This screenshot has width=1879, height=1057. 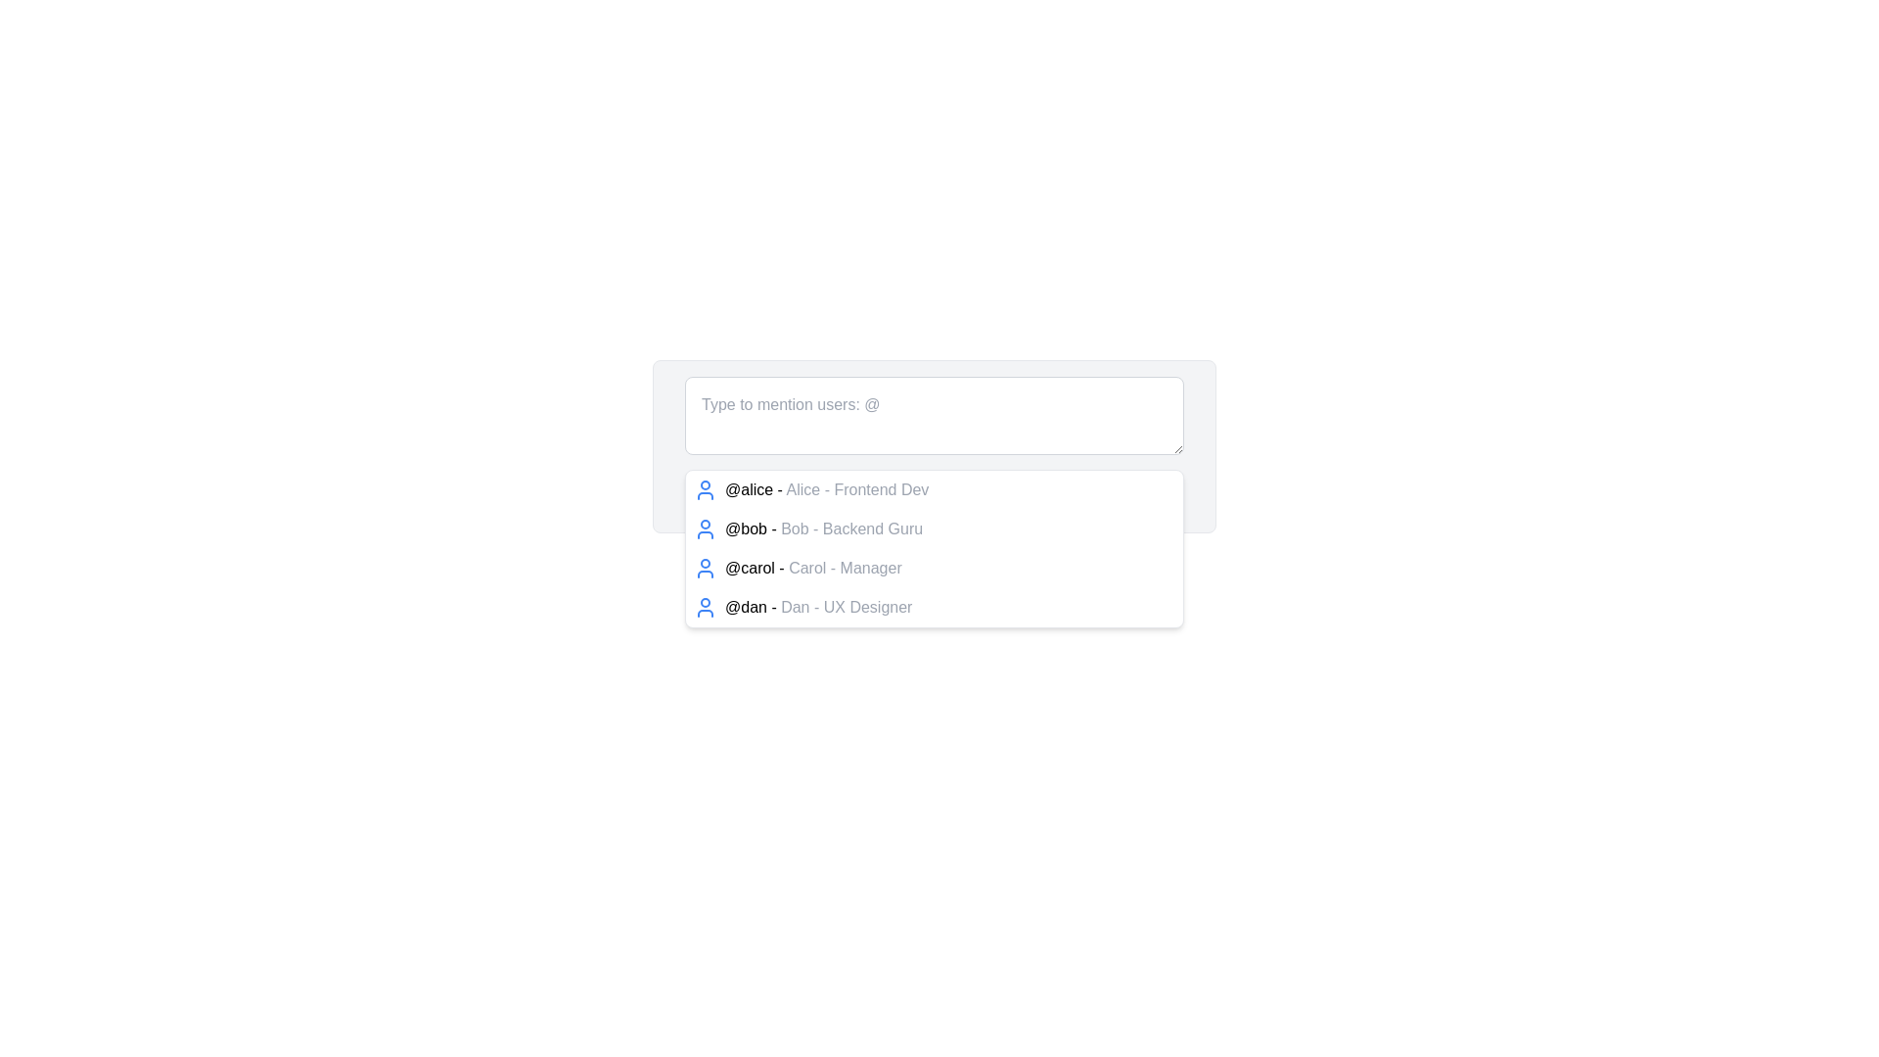 I want to click on the user suggestion element '@bob - Bob - Backend Guru.', so click(x=824, y=528).